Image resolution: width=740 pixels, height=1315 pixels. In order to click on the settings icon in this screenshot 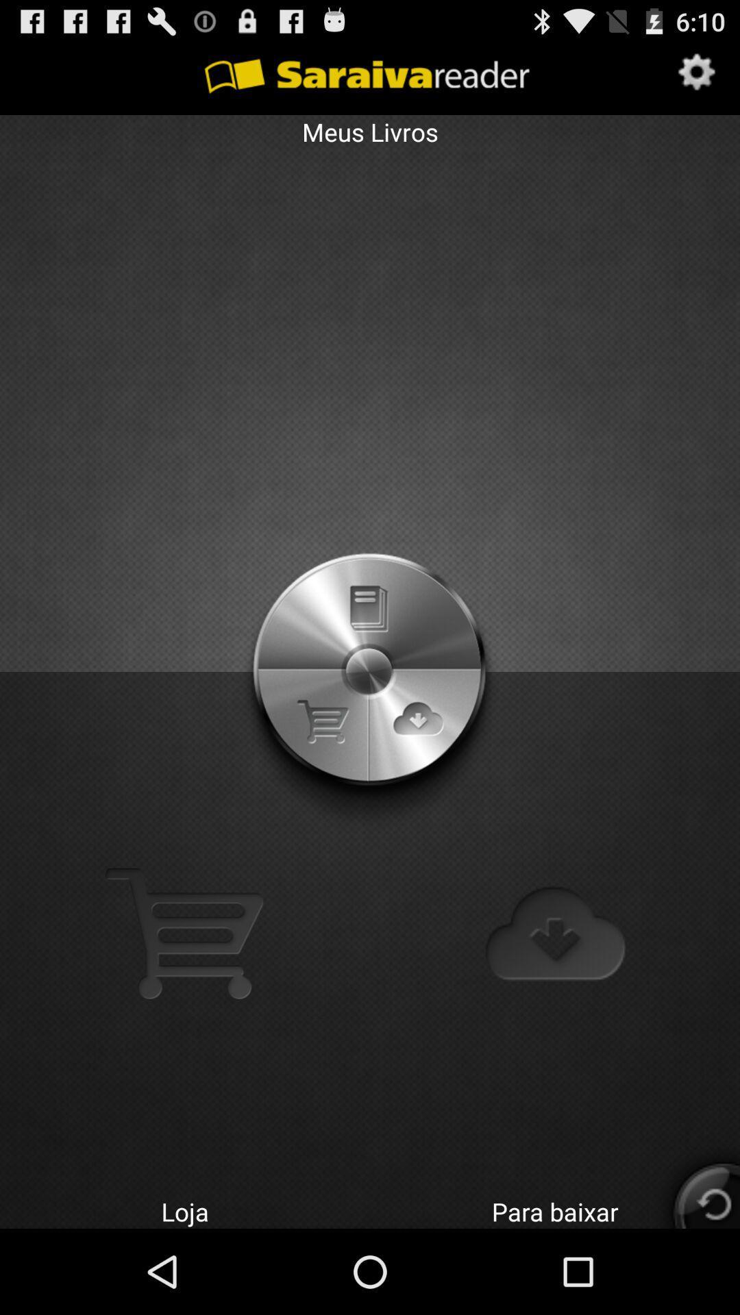, I will do `click(698, 78)`.